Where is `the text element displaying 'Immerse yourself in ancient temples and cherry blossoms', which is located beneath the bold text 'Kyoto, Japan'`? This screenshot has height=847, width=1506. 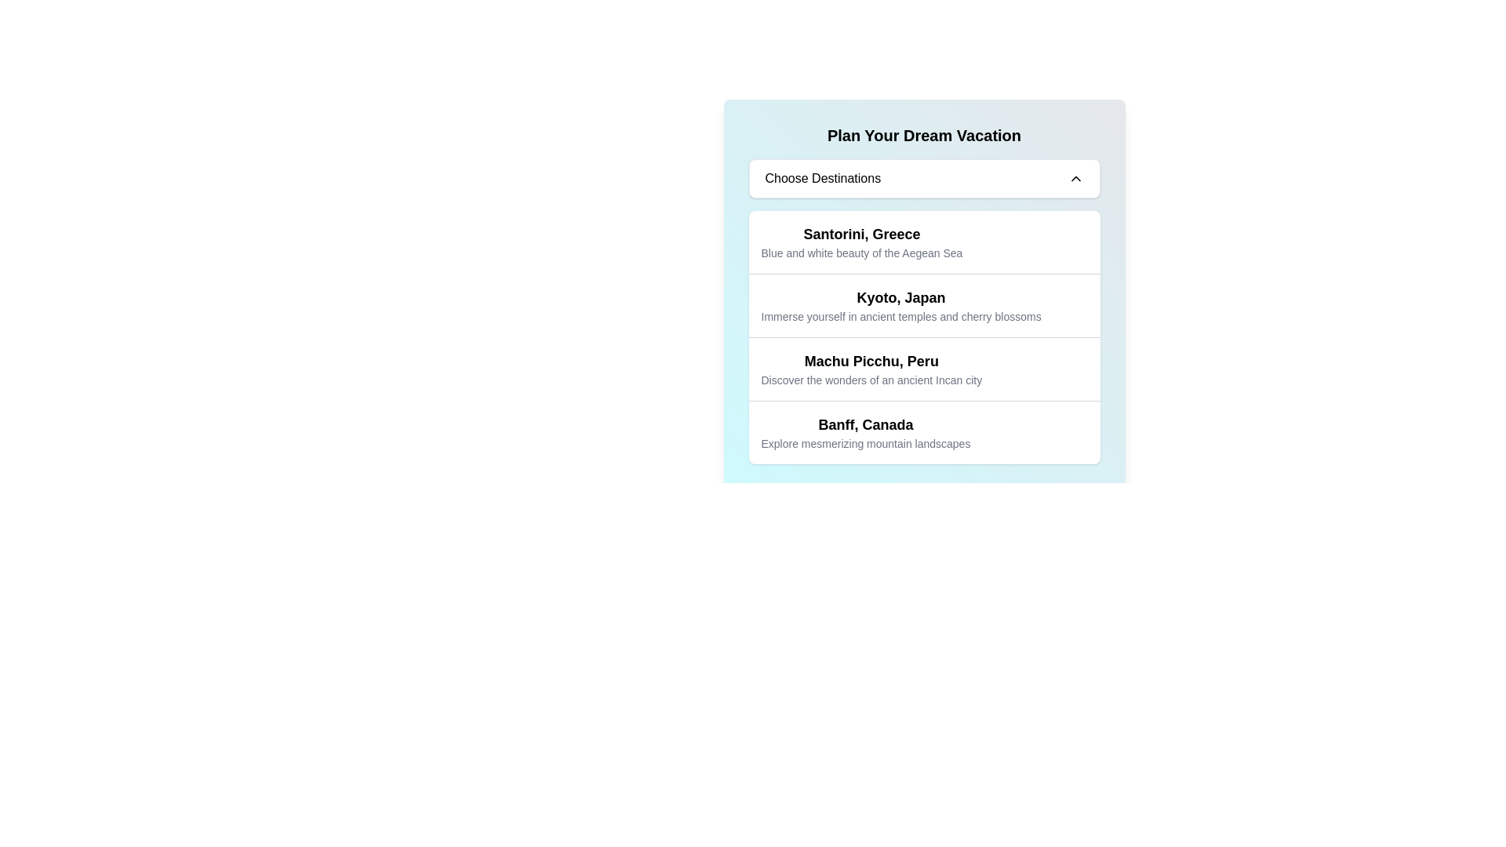
the text element displaying 'Immerse yourself in ancient temples and cherry blossoms', which is located beneath the bold text 'Kyoto, Japan' is located at coordinates (901, 317).